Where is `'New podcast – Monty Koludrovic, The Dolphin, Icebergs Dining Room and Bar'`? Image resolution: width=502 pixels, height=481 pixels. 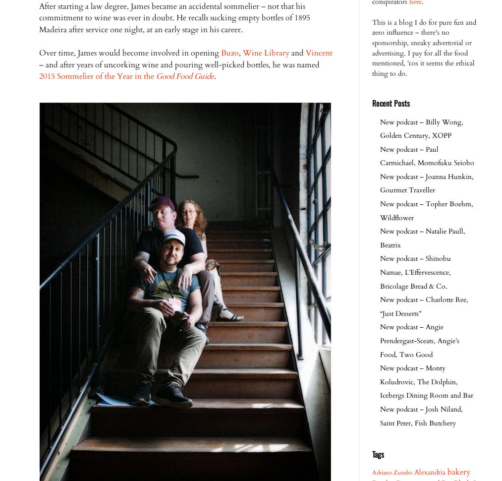
'New podcast – Monty Koludrovic, The Dolphin, Icebergs Dining Room and Bar' is located at coordinates (380, 381).